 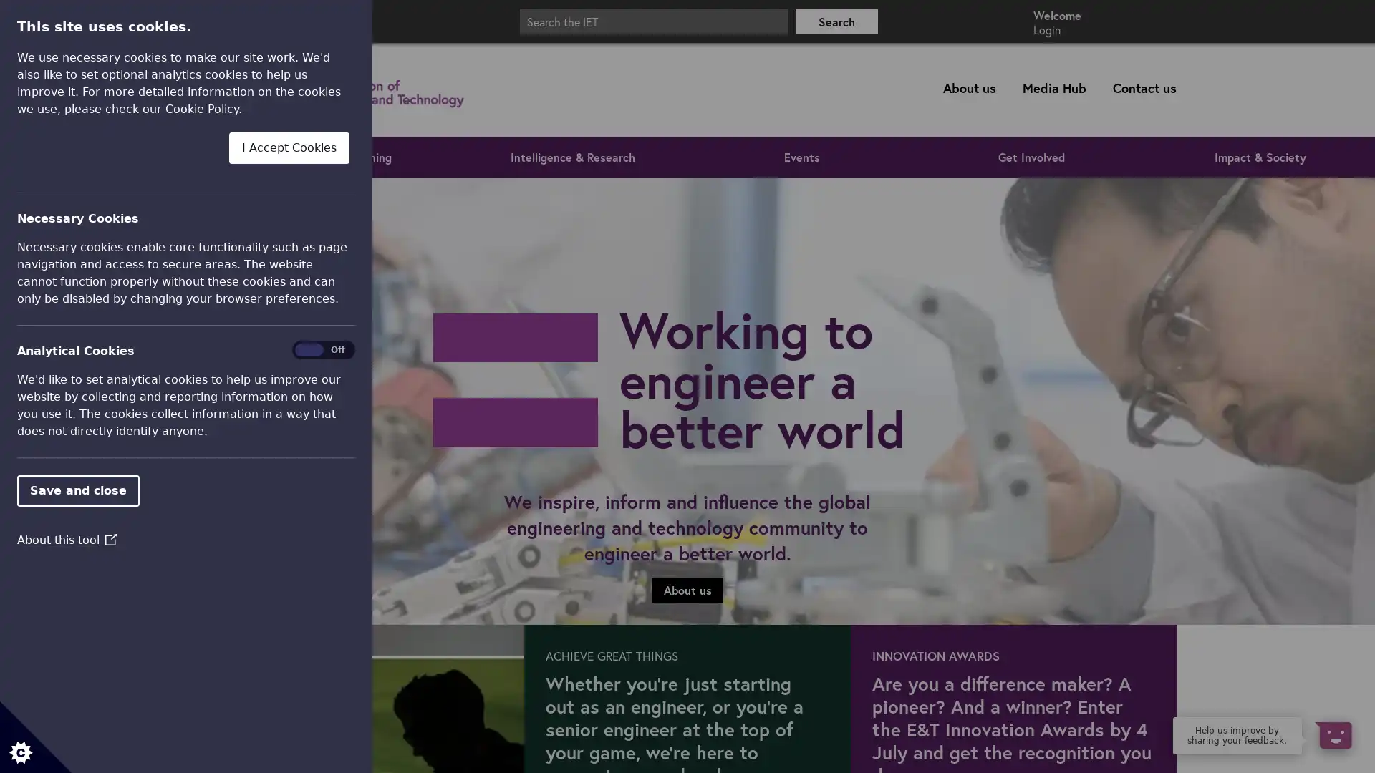 I want to click on Save and close, so click(x=77, y=490).